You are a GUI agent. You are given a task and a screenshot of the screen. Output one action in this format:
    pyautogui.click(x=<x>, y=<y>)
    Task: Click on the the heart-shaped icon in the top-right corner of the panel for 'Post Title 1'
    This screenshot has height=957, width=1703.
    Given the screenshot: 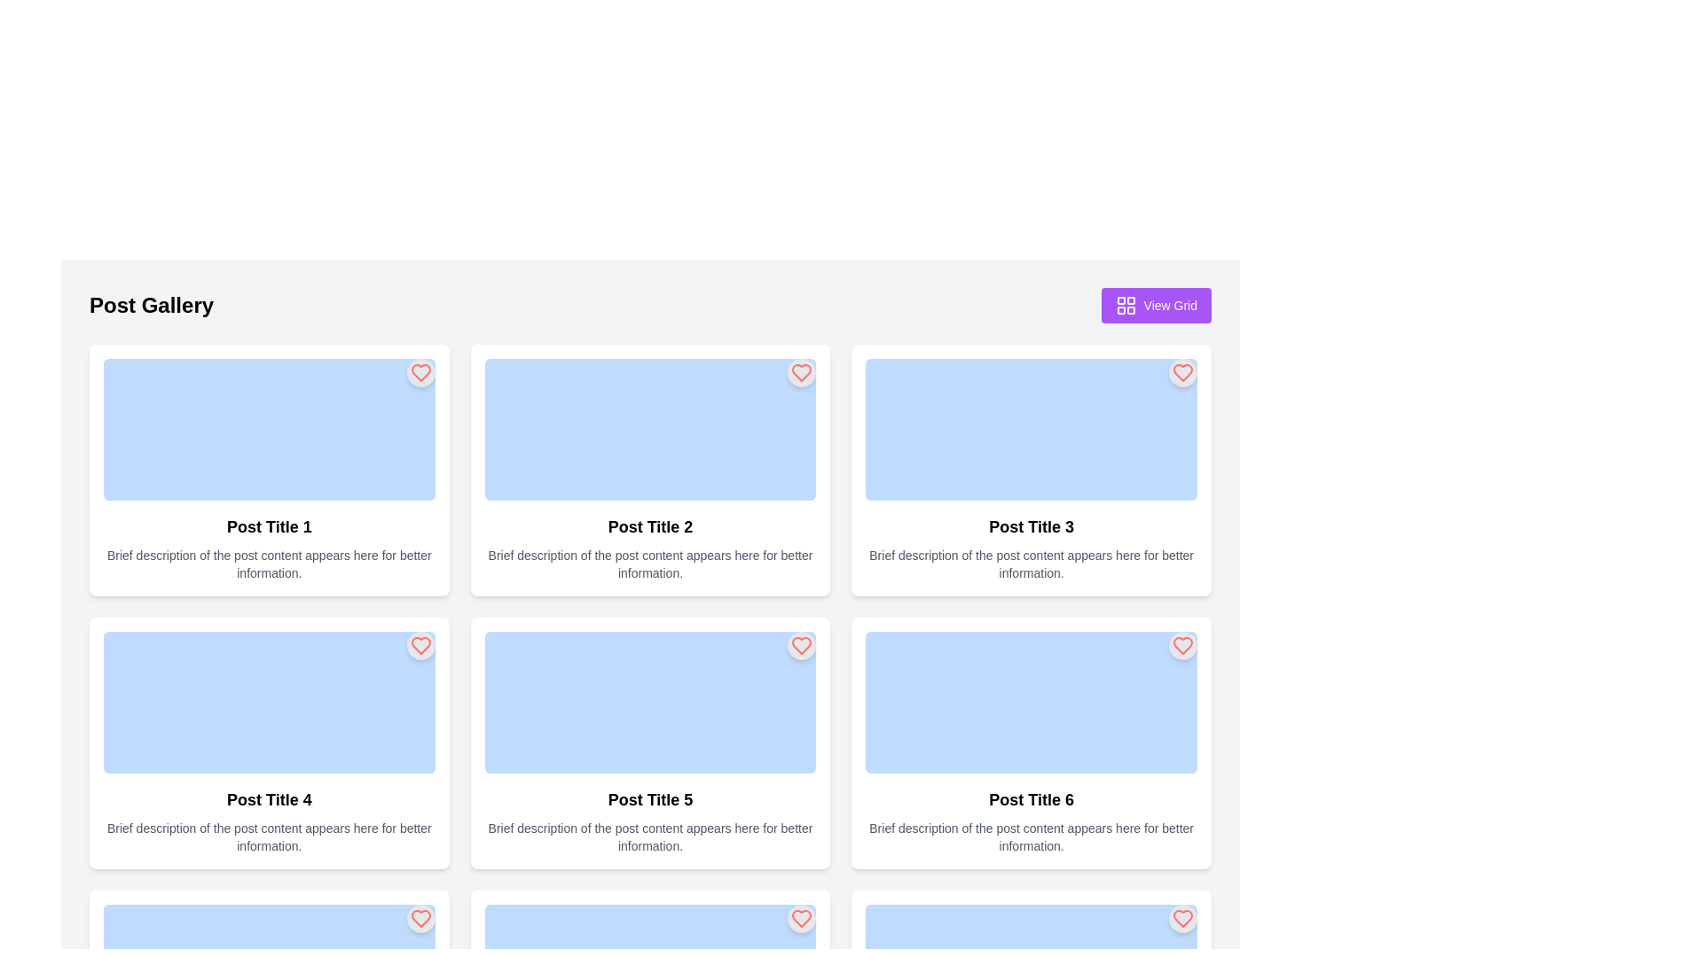 What is the action you would take?
    pyautogui.click(x=420, y=371)
    